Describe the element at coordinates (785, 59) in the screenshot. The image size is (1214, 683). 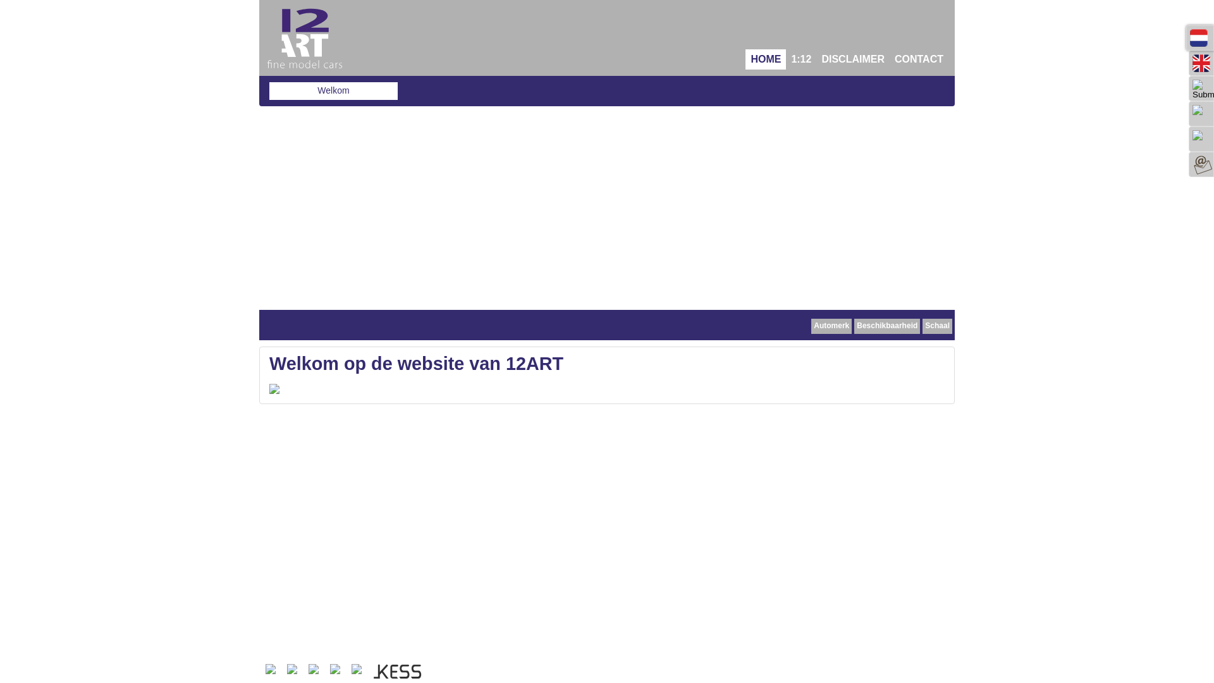
I see `'1:12'` at that location.